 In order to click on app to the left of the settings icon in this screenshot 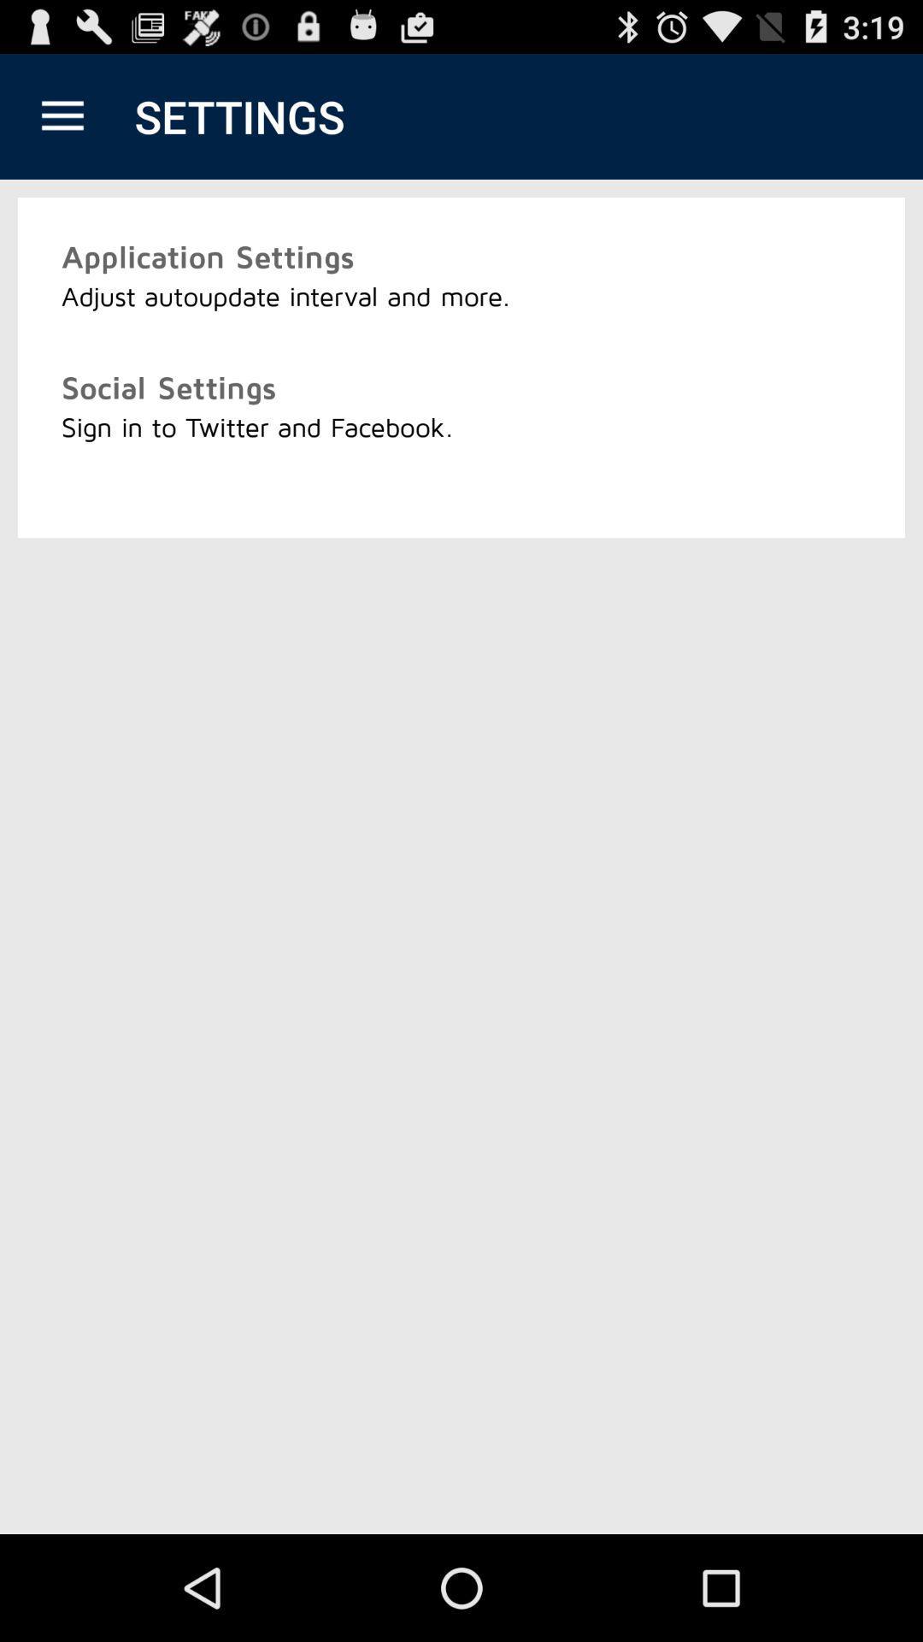, I will do `click(62, 115)`.